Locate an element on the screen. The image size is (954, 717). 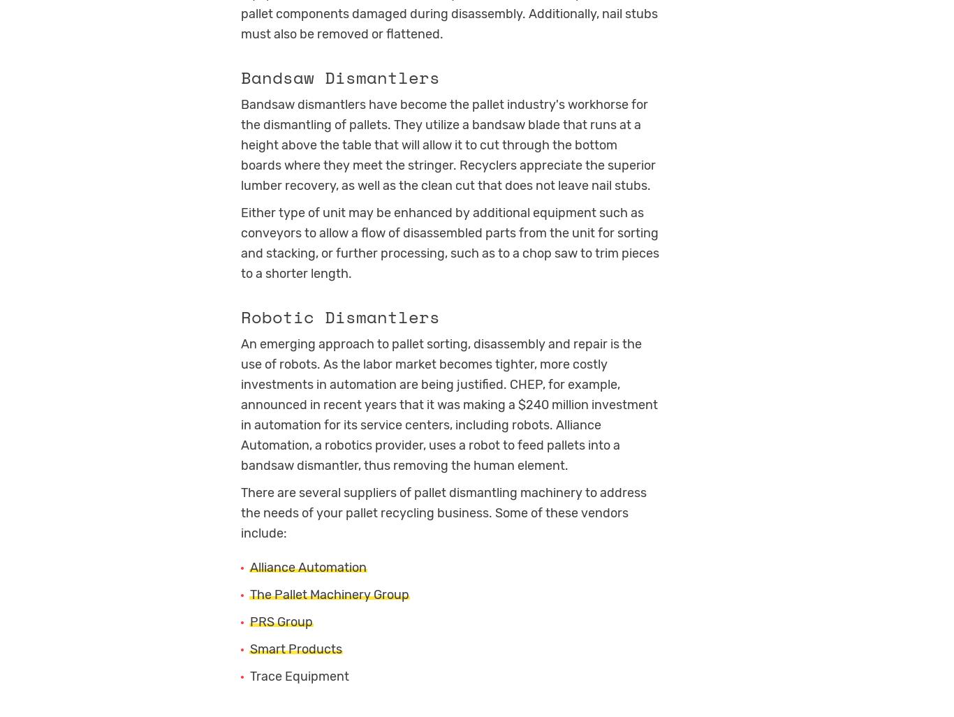
'Bandsaw dismantlers have become the pallet industry's workhorse for the dismantling of pallets. They utilize a bandsaw blade that runs at a height above the table that will allow it to cut through the bottom boards where they meet the stringer. Recyclers appreciate the superior lumber recovery, as well as the clean cut that does not leave nail stubs.' is located at coordinates (448, 144).